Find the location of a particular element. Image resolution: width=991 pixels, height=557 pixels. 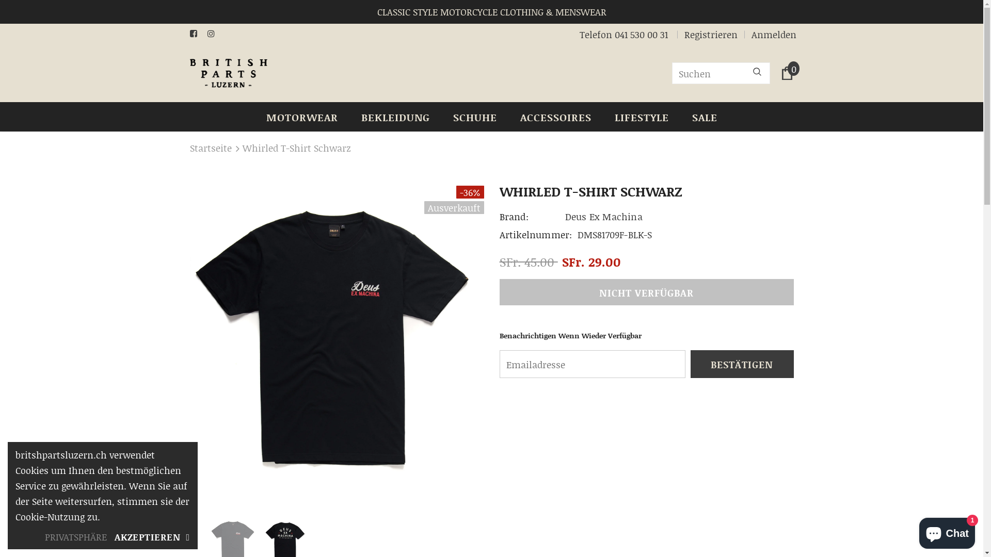

'Startseite' is located at coordinates (210, 148).